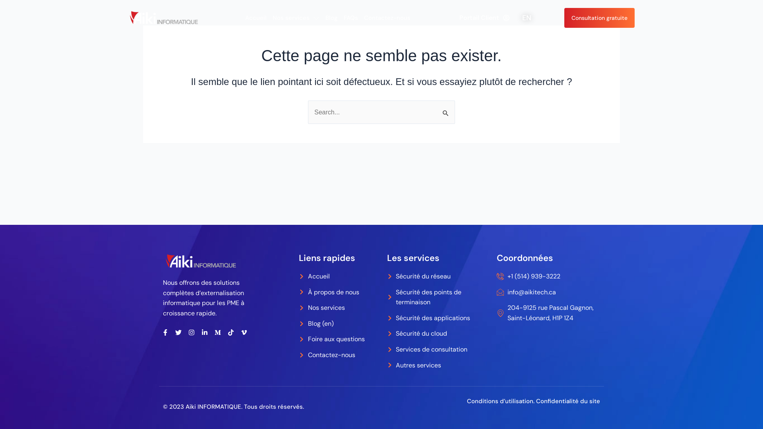 The height and width of the screenshot is (429, 763). What do you see at coordinates (436, 108) in the screenshot?
I see `'Recherche'` at bounding box center [436, 108].